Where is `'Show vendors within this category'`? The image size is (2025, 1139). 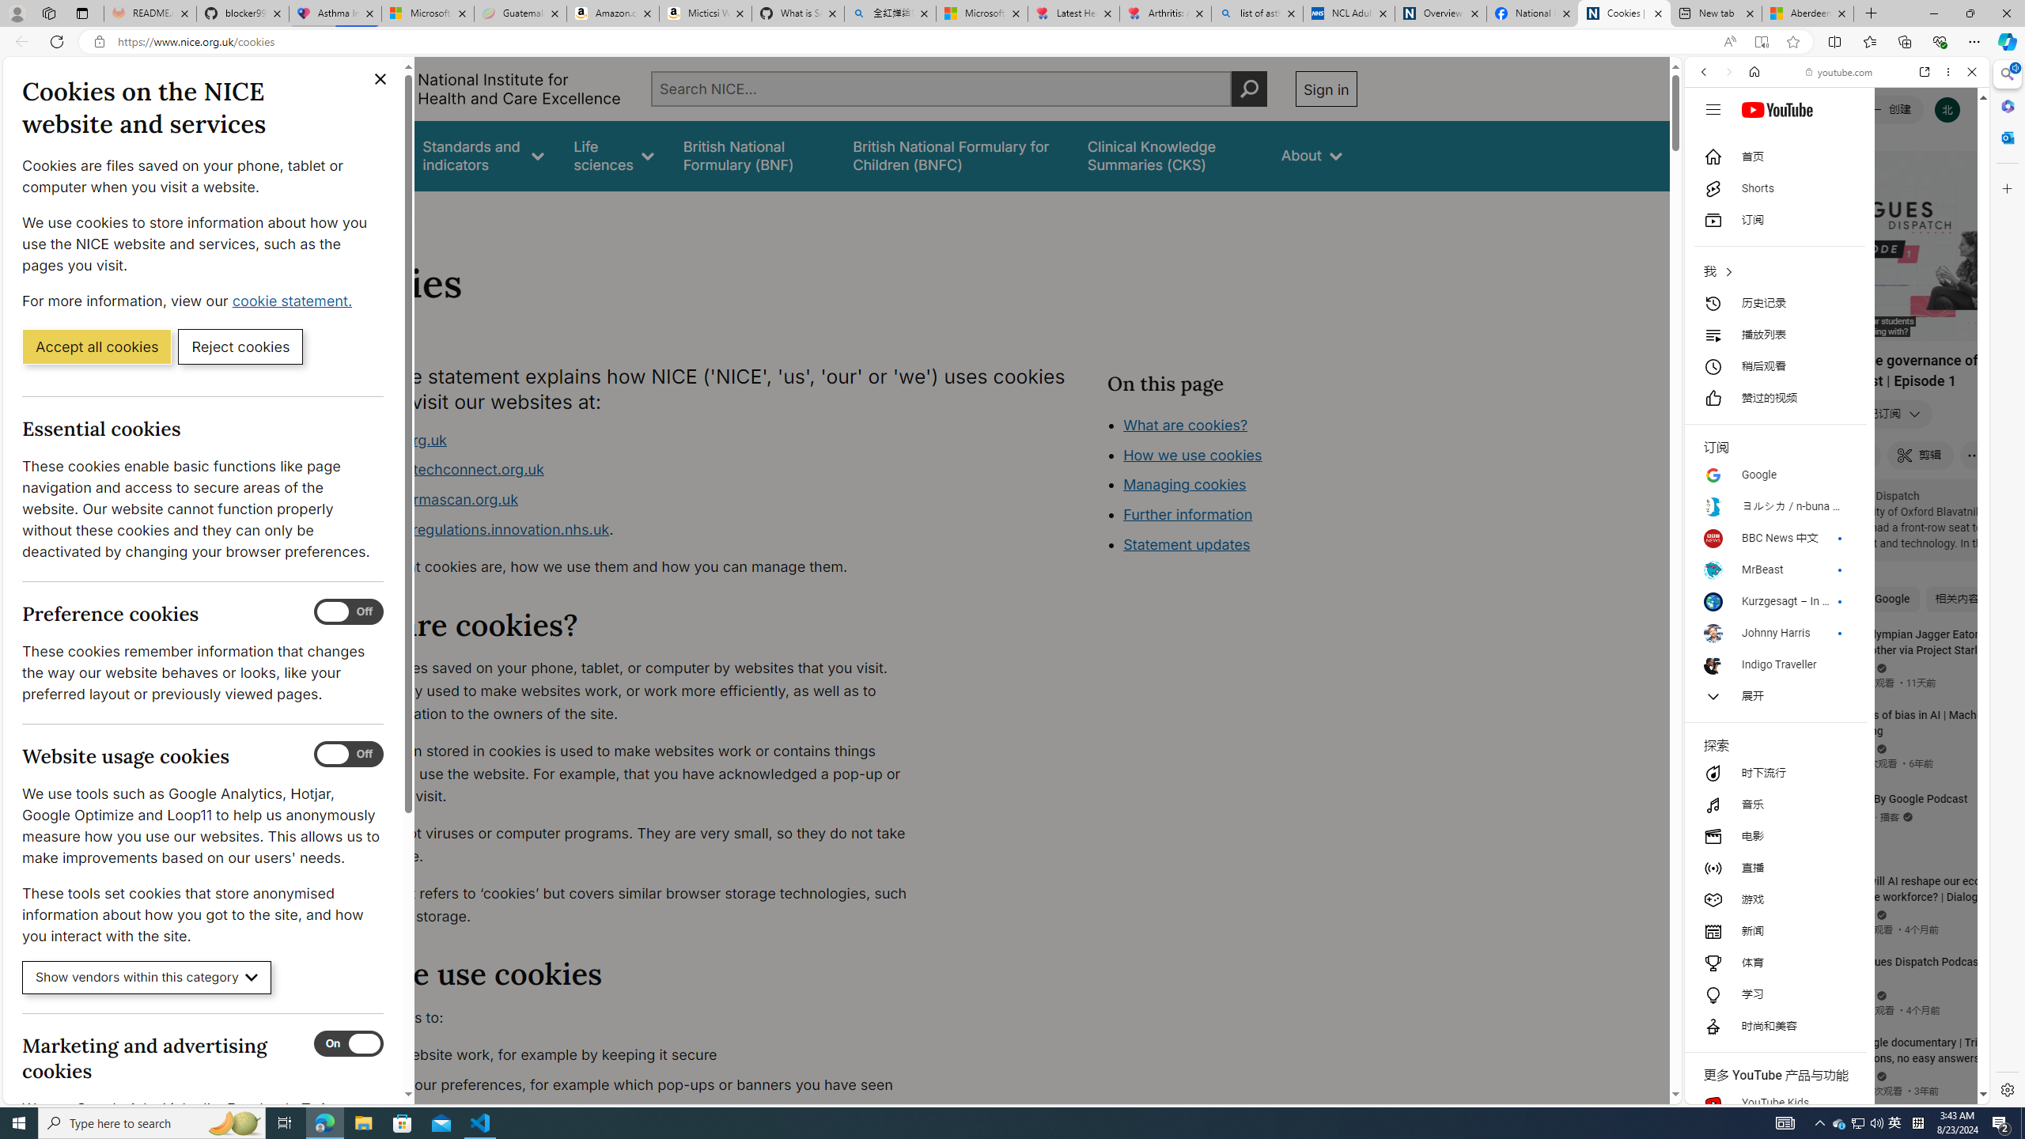 'Show vendors within this category' is located at coordinates (146, 978).